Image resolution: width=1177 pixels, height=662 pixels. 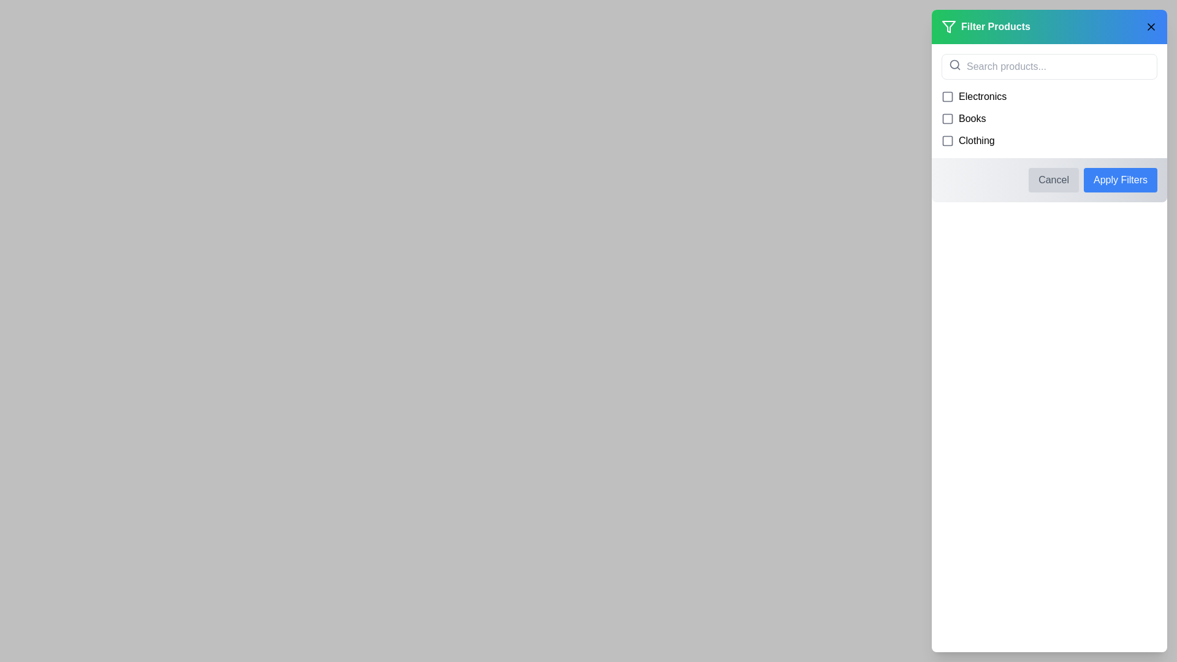 I want to click on the checkbox indicator, so click(x=947, y=140).